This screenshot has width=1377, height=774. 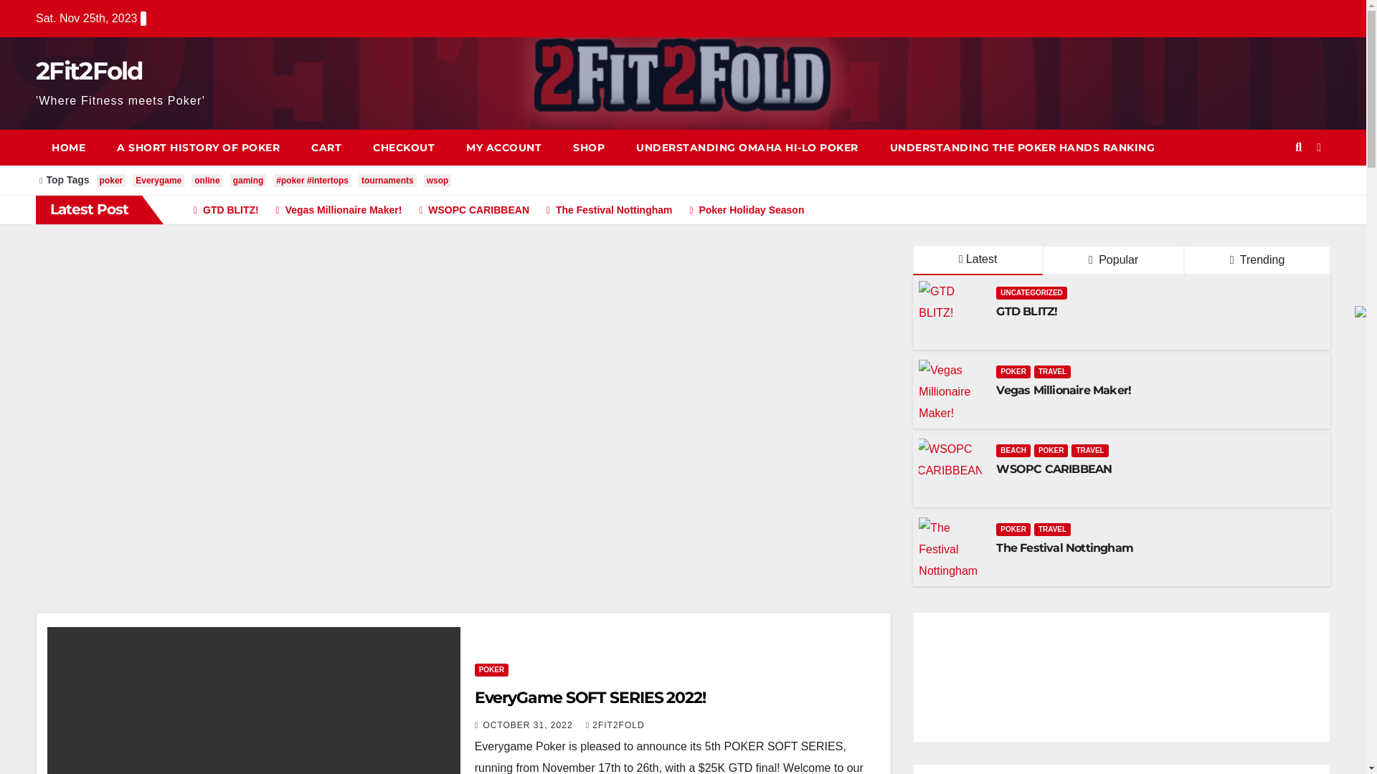 What do you see at coordinates (402, 147) in the screenshot?
I see `'CHECKOUT'` at bounding box center [402, 147].